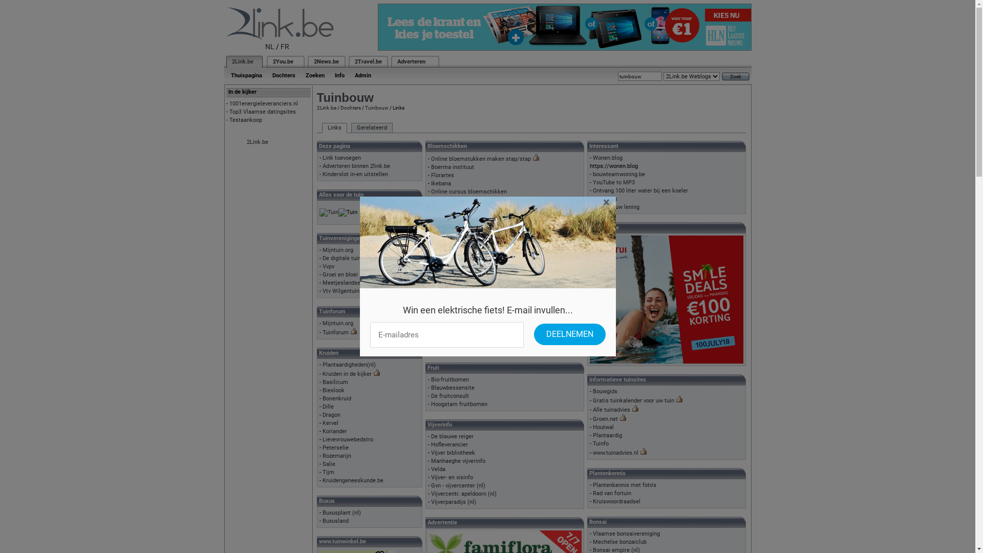  Describe the element at coordinates (607, 158) in the screenshot. I see `'Wonen.blog'` at that location.